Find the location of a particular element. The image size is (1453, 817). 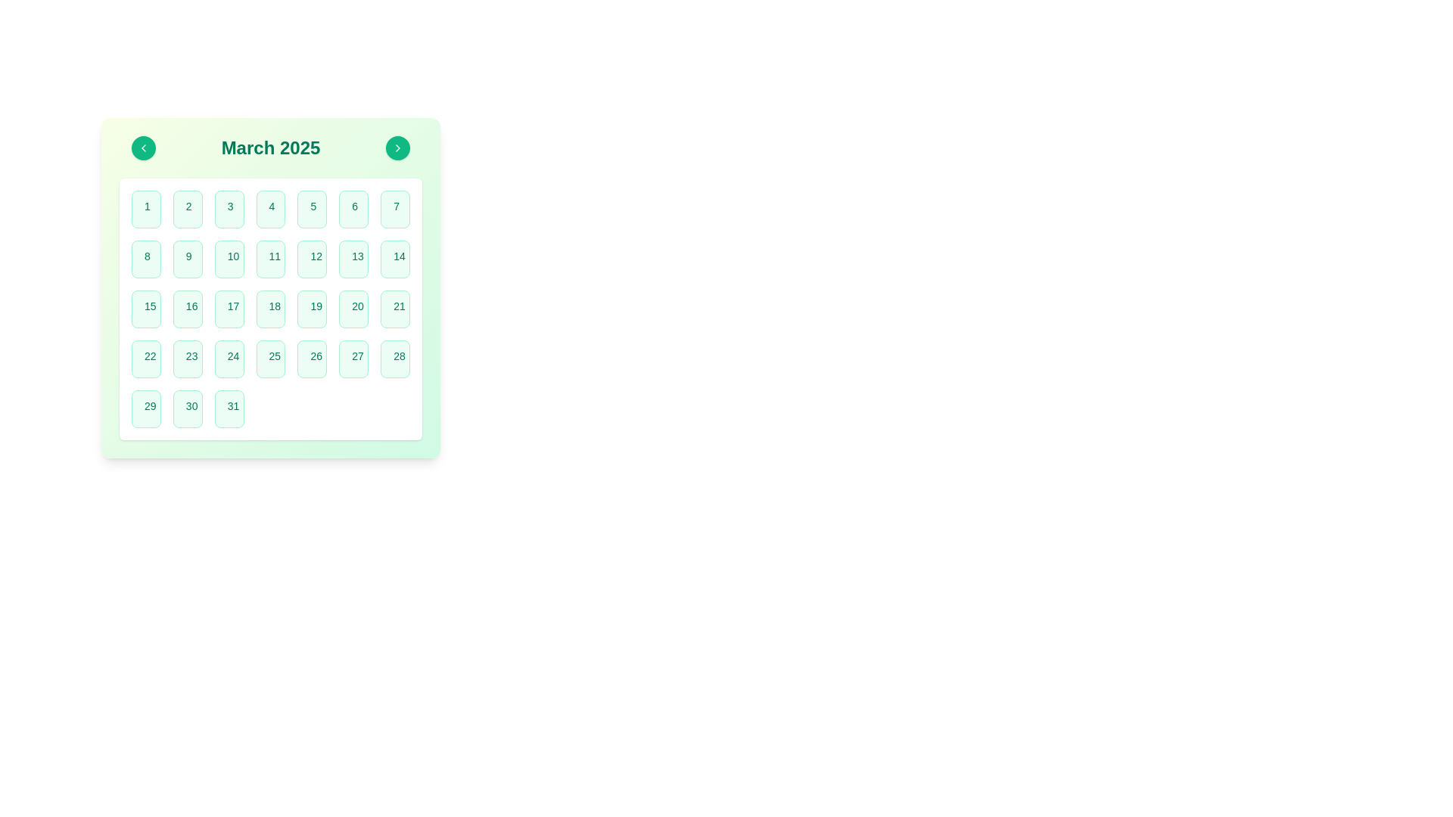

the light green rounded rectangular box containing the number '15' in a bold green font, which is located in the 3rd row, 1st column of the calendar grid is located at coordinates (146, 308).